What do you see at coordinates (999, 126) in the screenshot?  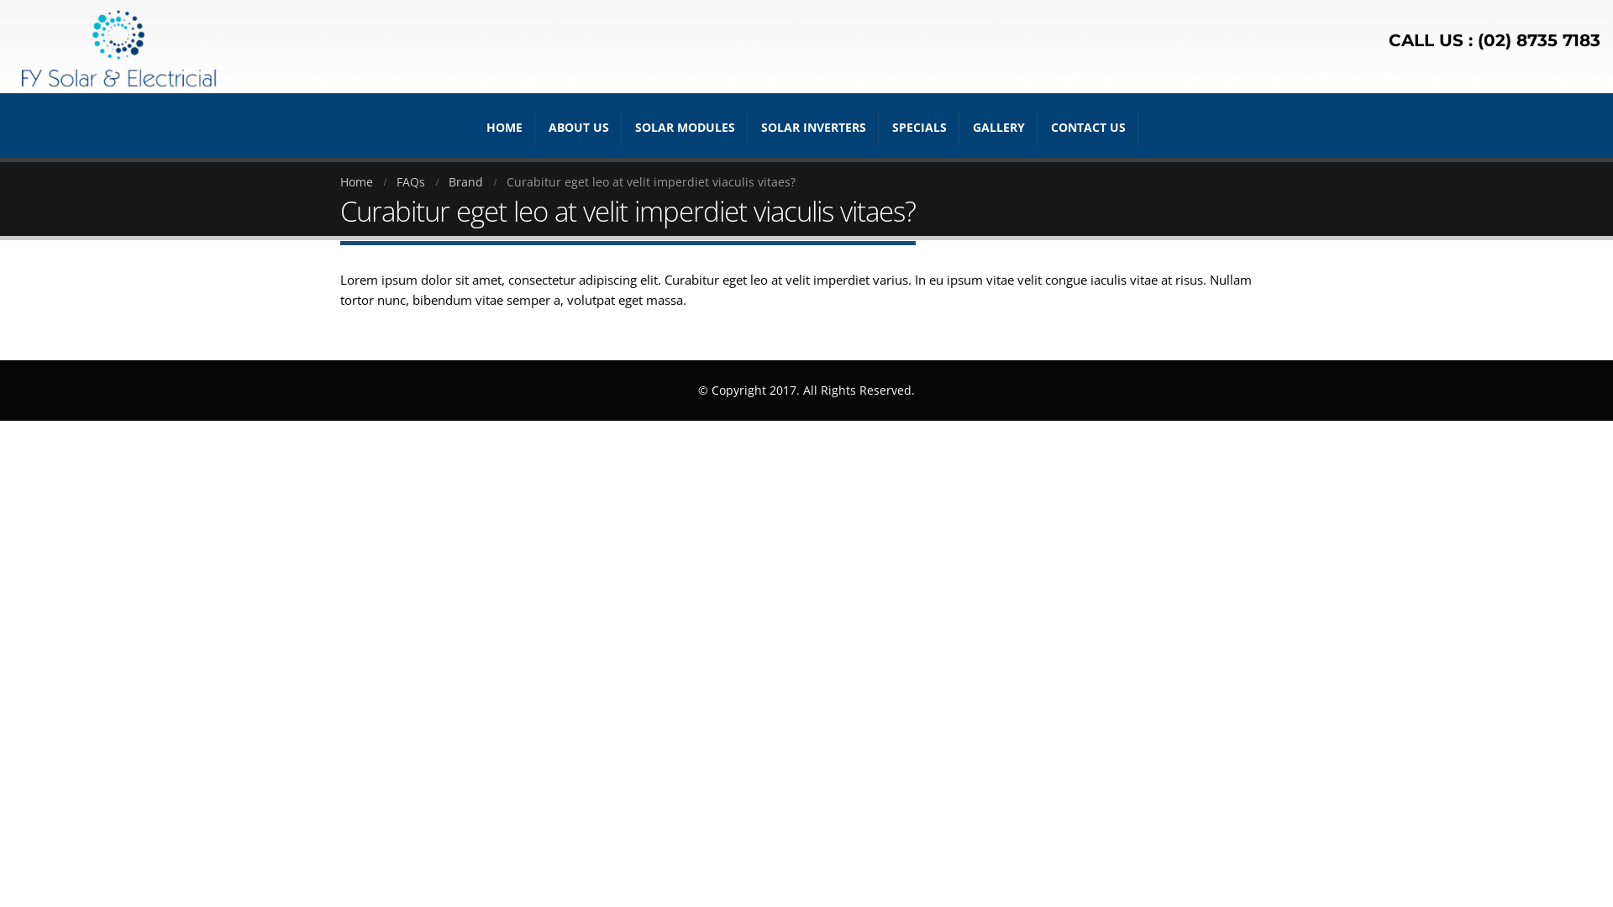 I see `'GALLERY'` at bounding box center [999, 126].